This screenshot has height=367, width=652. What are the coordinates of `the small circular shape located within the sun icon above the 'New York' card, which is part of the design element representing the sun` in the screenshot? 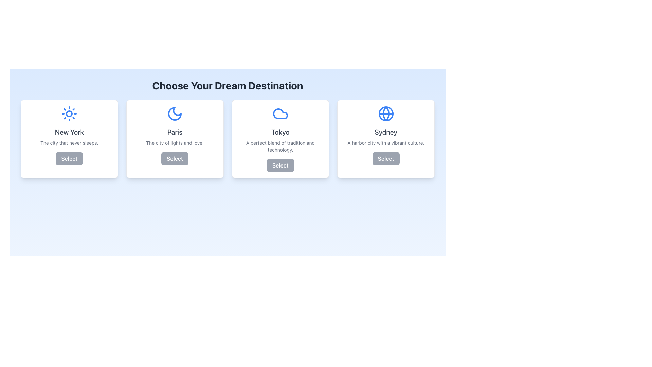 It's located at (69, 113).